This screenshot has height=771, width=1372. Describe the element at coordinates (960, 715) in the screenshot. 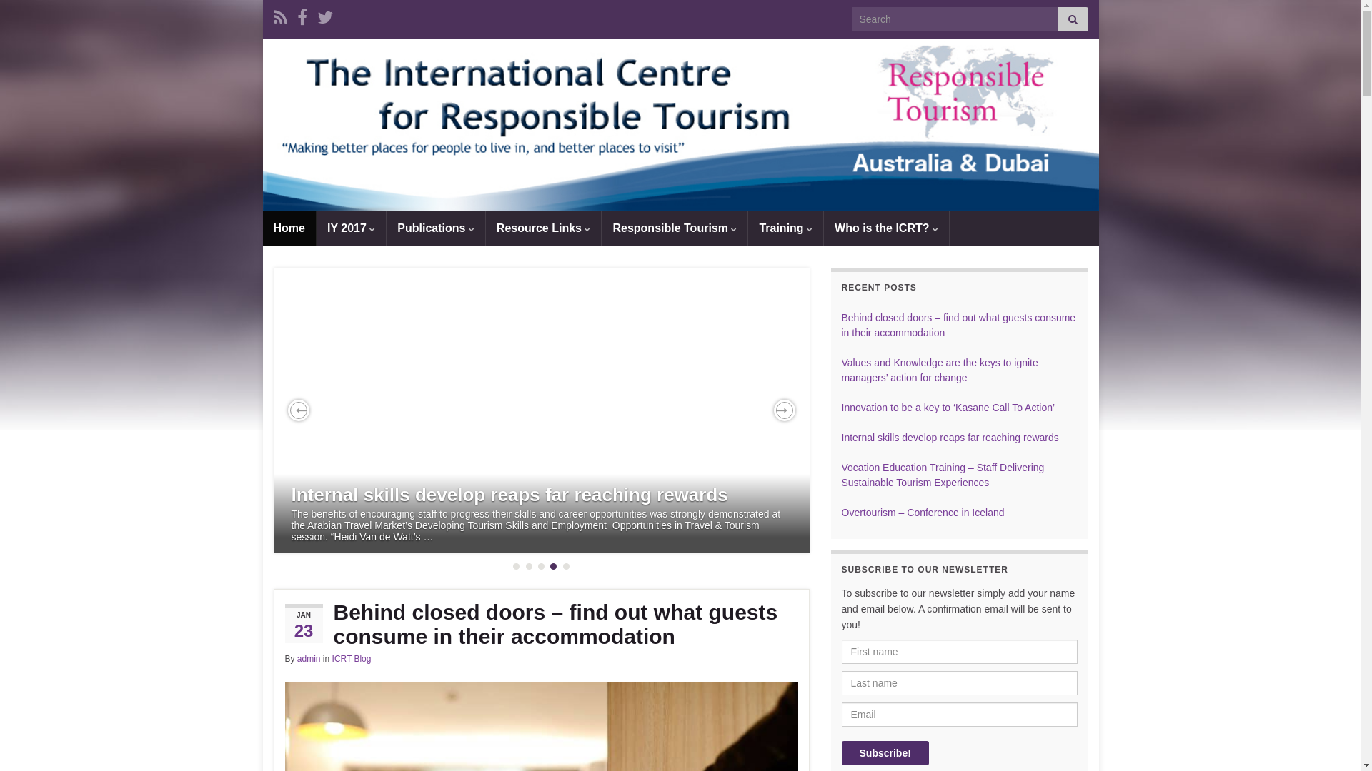

I see `'Email'` at that location.